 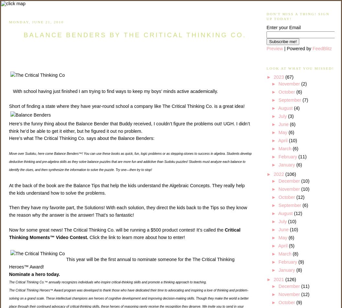 I want to click on '2022', so click(x=279, y=174).